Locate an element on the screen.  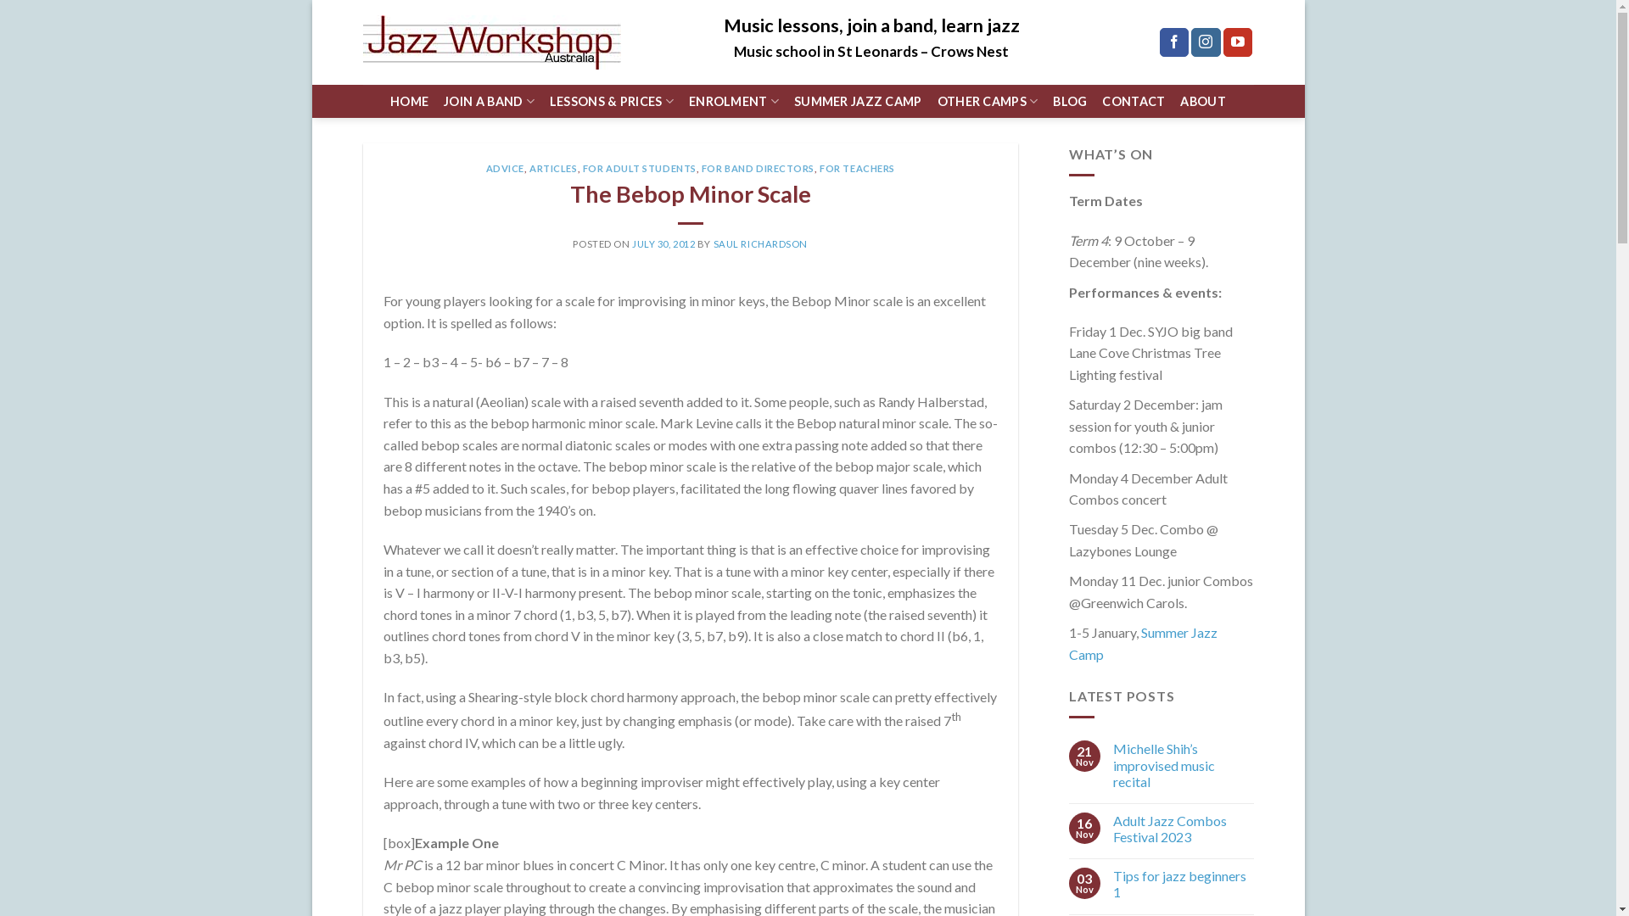
'FOR BAND DIRECTORS' is located at coordinates (757, 168).